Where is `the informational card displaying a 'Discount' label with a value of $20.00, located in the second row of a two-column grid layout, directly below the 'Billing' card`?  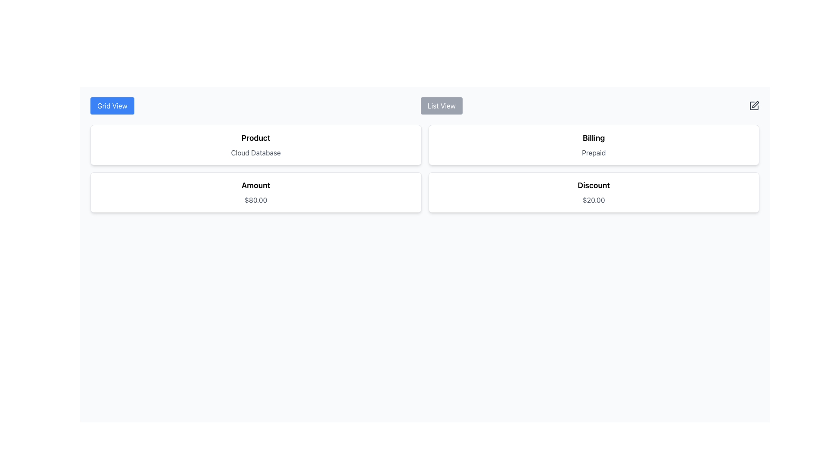
the informational card displaying a 'Discount' label with a value of $20.00, located in the second row of a two-column grid layout, directly below the 'Billing' card is located at coordinates (593, 192).